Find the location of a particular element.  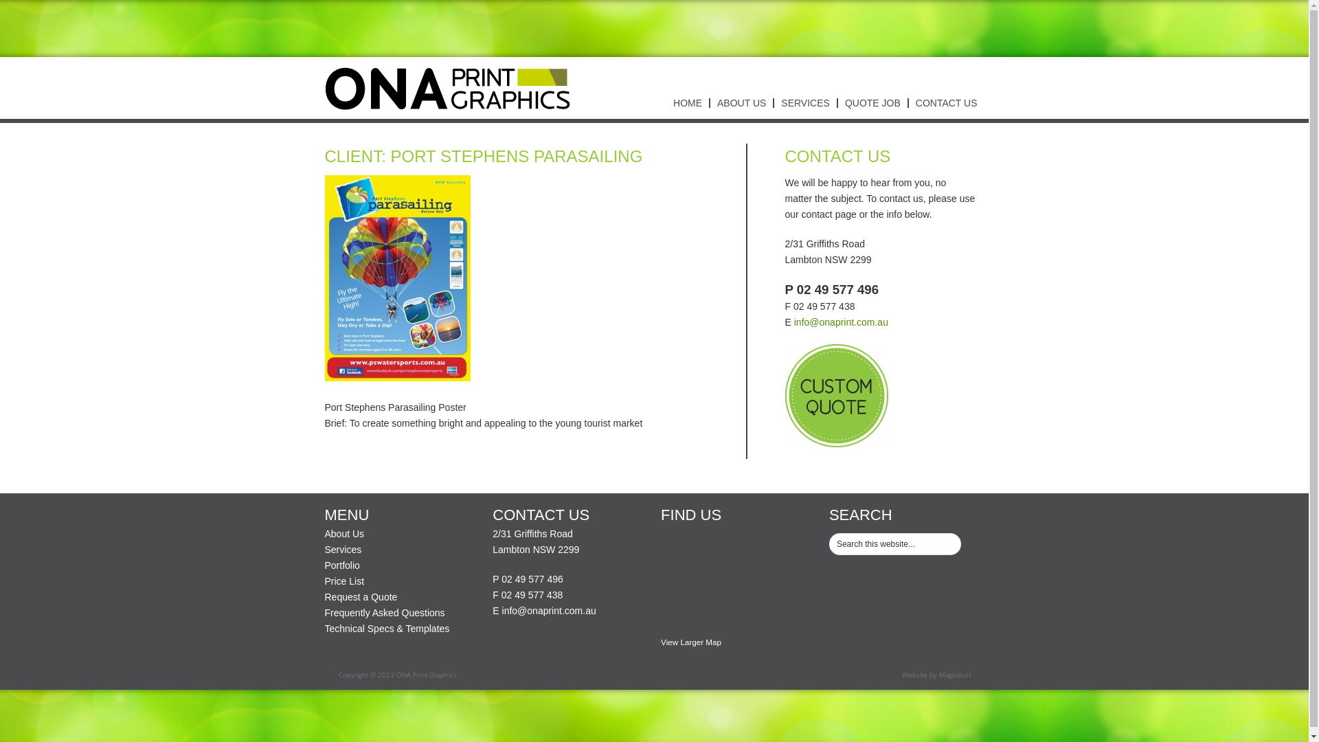

'Frequently Asked Questions' is located at coordinates (384, 611).